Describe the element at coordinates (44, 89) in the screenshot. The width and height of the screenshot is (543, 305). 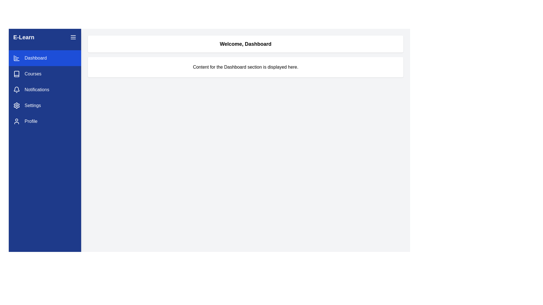
I see `the 'Notifications' menu item in the sidebar, which is the third item featuring a bell icon and white text on a blue background` at that location.